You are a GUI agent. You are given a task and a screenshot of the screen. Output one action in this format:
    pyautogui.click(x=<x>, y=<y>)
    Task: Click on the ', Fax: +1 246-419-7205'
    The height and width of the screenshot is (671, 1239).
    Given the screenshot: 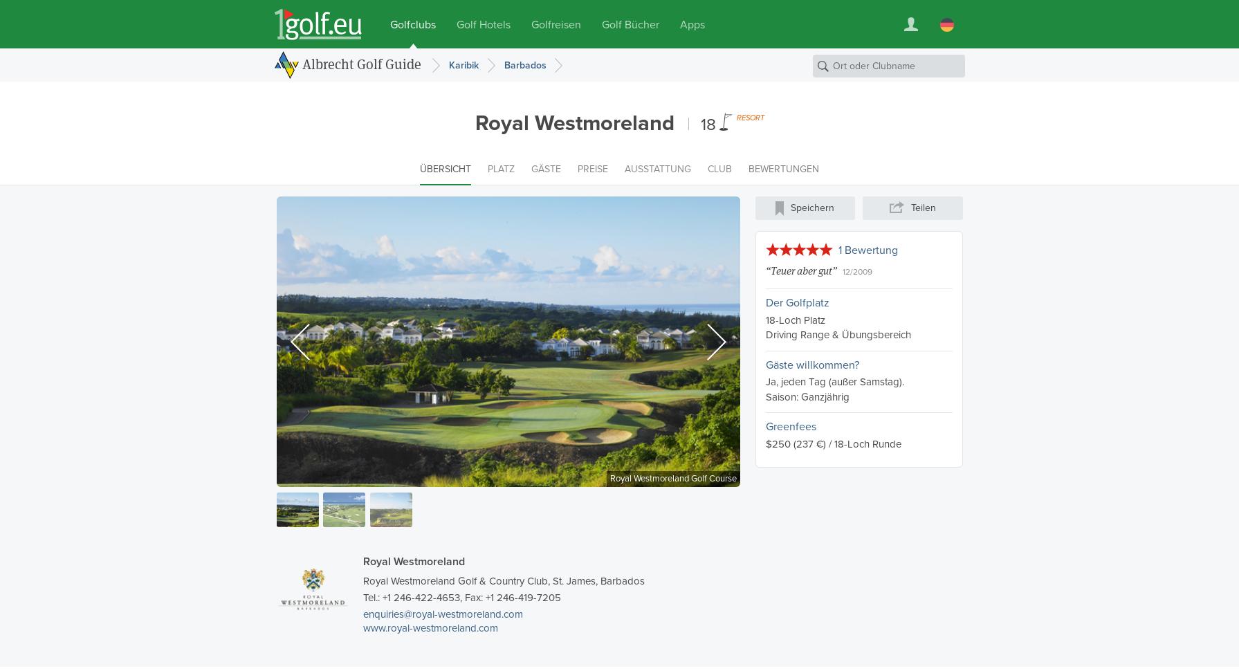 What is the action you would take?
    pyautogui.click(x=509, y=596)
    